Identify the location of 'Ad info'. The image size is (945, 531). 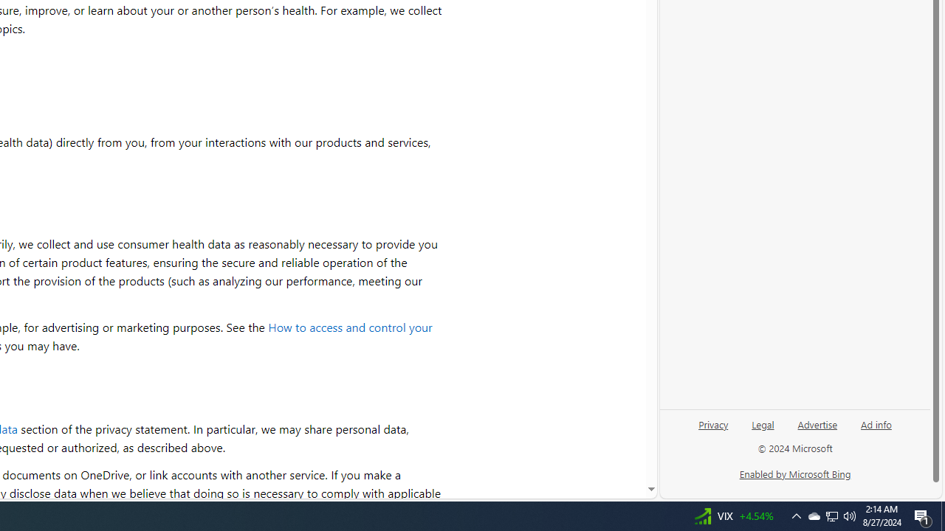
(876, 423).